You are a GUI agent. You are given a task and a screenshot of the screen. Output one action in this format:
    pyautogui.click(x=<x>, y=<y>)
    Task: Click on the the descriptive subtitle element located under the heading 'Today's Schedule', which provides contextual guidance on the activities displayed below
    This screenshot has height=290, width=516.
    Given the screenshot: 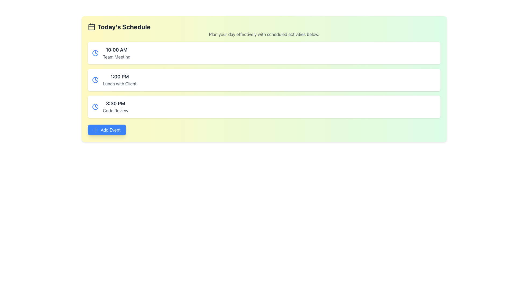 What is the action you would take?
    pyautogui.click(x=264, y=34)
    